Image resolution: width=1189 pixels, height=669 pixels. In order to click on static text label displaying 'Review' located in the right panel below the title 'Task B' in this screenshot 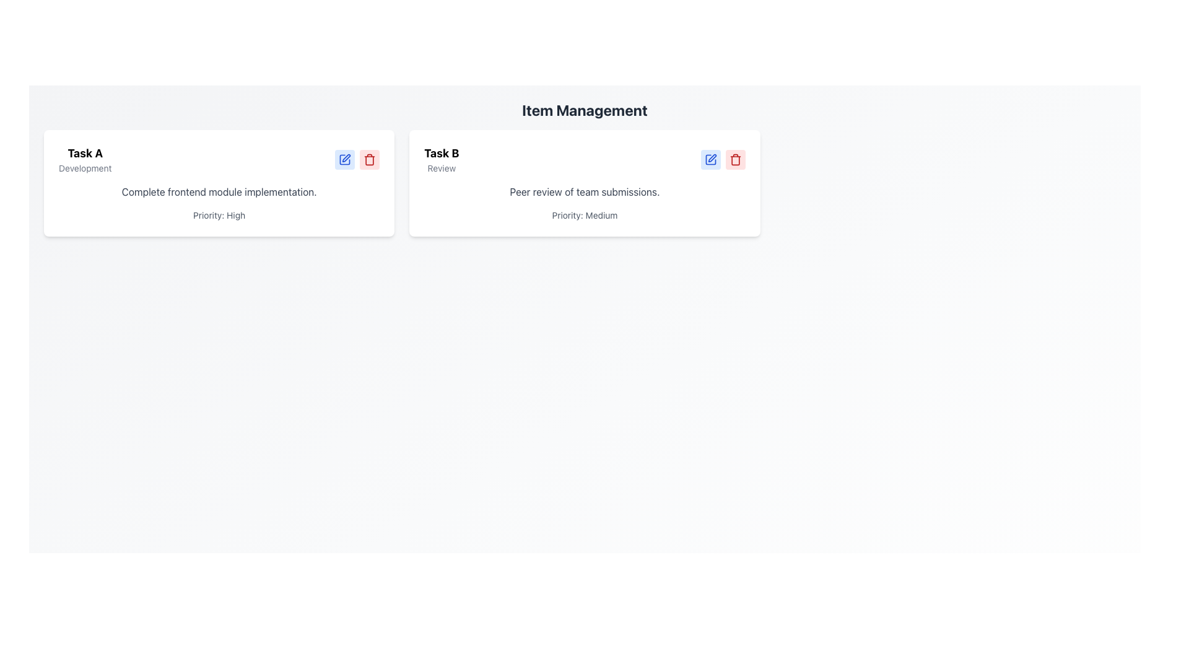, I will do `click(442, 168)`.